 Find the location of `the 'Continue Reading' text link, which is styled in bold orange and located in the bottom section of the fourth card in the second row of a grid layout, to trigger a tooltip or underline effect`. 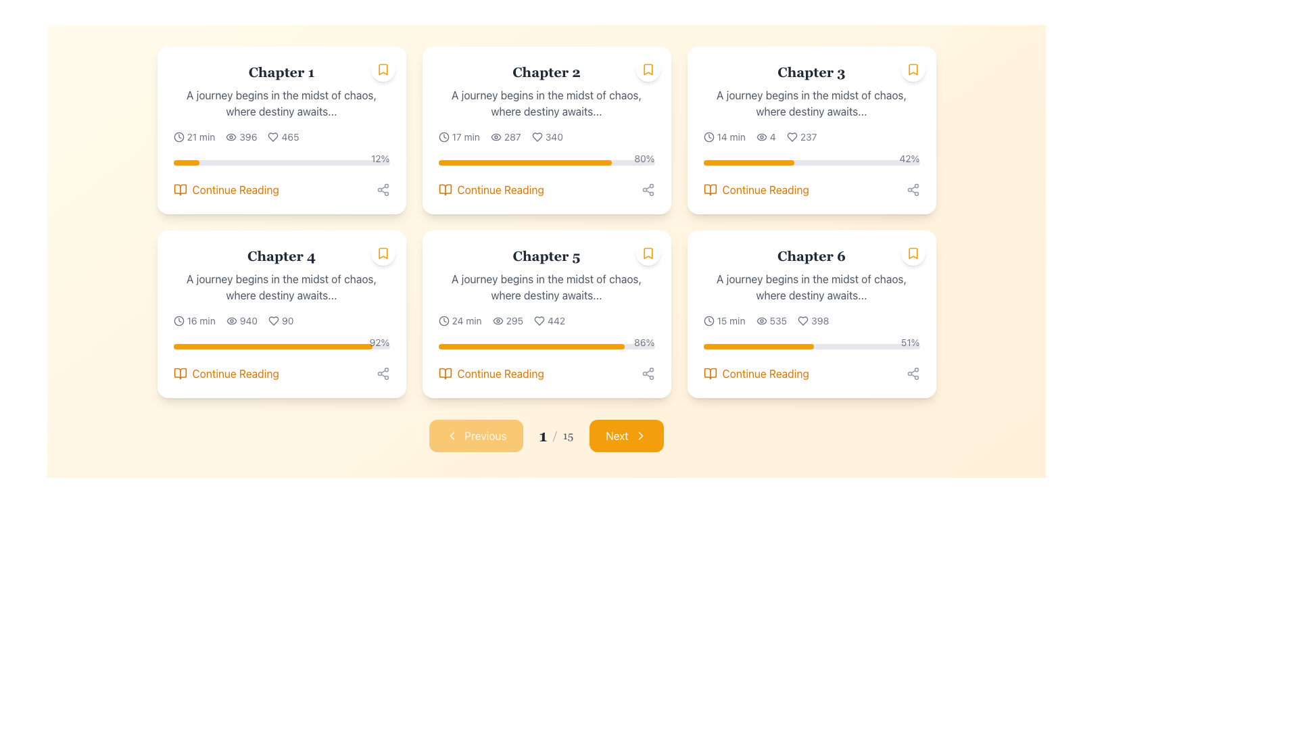

the 'Continue Reading' text link, which is styled in bold orange and located in the bottom section of the fourth card in the second row of a grid layout, to trigger a tooltip or underline effect is located at coordinates (235, 373).